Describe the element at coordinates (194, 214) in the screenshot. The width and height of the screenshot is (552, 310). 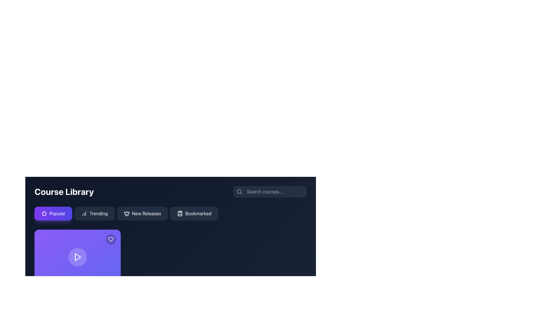
I see `the fourth button labeled 'Bookmarked' in the navigation bar to initiate navigation to the 'Bookmarked' section` at that location.